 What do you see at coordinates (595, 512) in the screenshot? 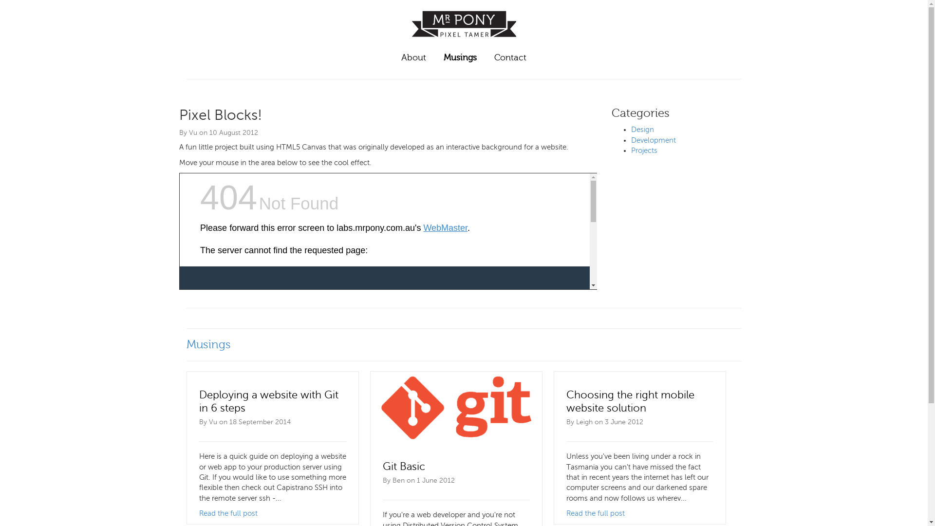
I see `'Read the full post'` at bounding box center [595, 512].